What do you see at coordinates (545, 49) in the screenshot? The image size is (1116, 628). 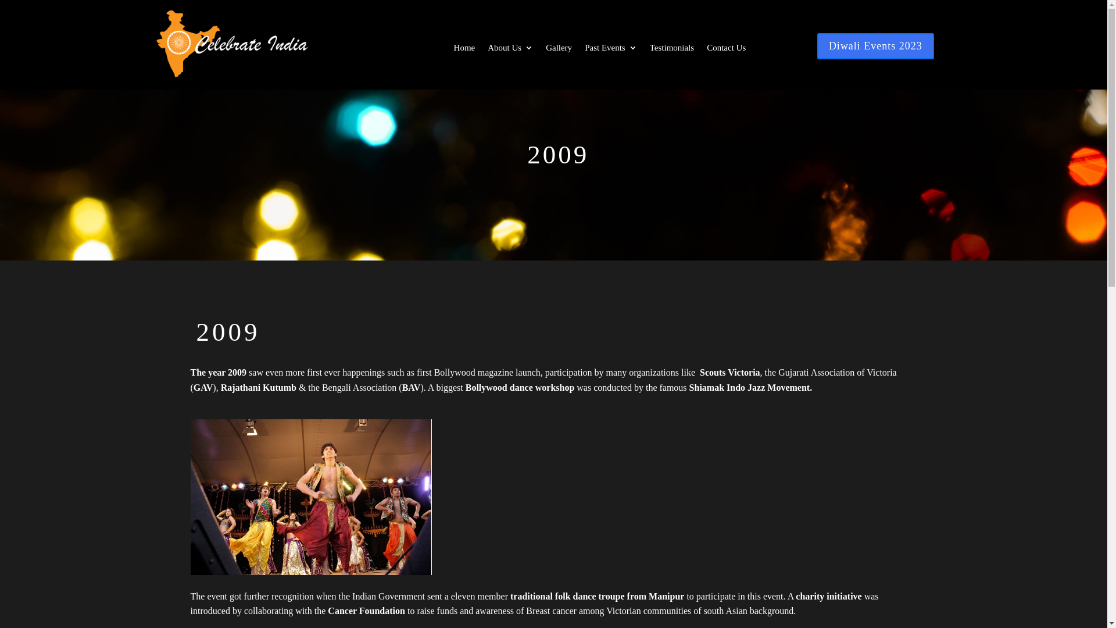 I see `'Gallery'` at bounding box center [545, 49].